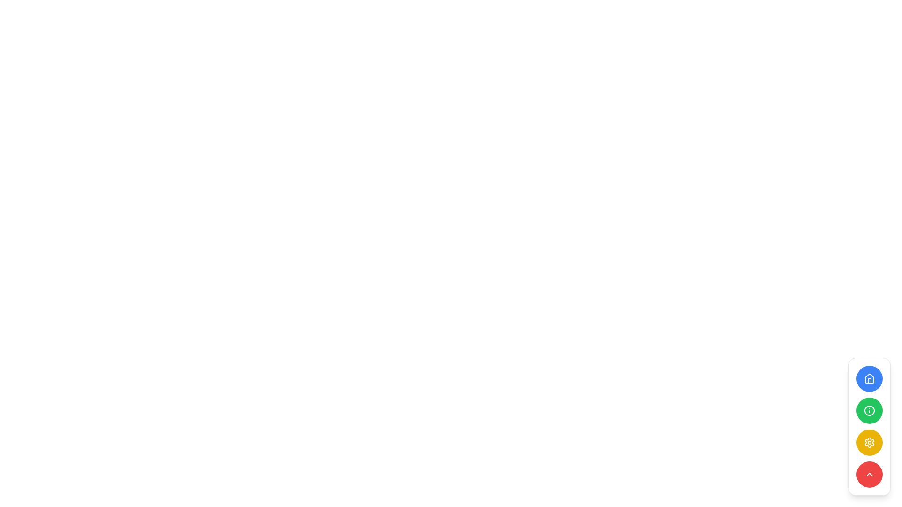  What do you see at coordinates (869, 442) in the screenshot?
I see `the 'Settings' button located in the rightmost part of the interface` at bounding box center [869, 442].